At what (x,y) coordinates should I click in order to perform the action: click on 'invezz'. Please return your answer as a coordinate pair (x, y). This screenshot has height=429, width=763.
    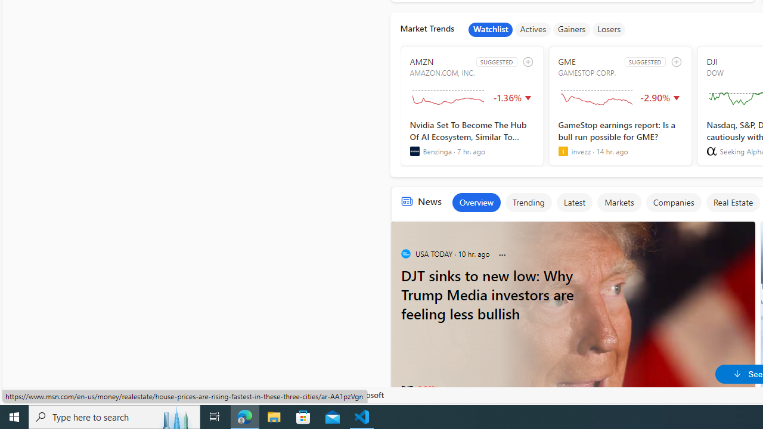
    Looking at the image, I should click on (562, 151).